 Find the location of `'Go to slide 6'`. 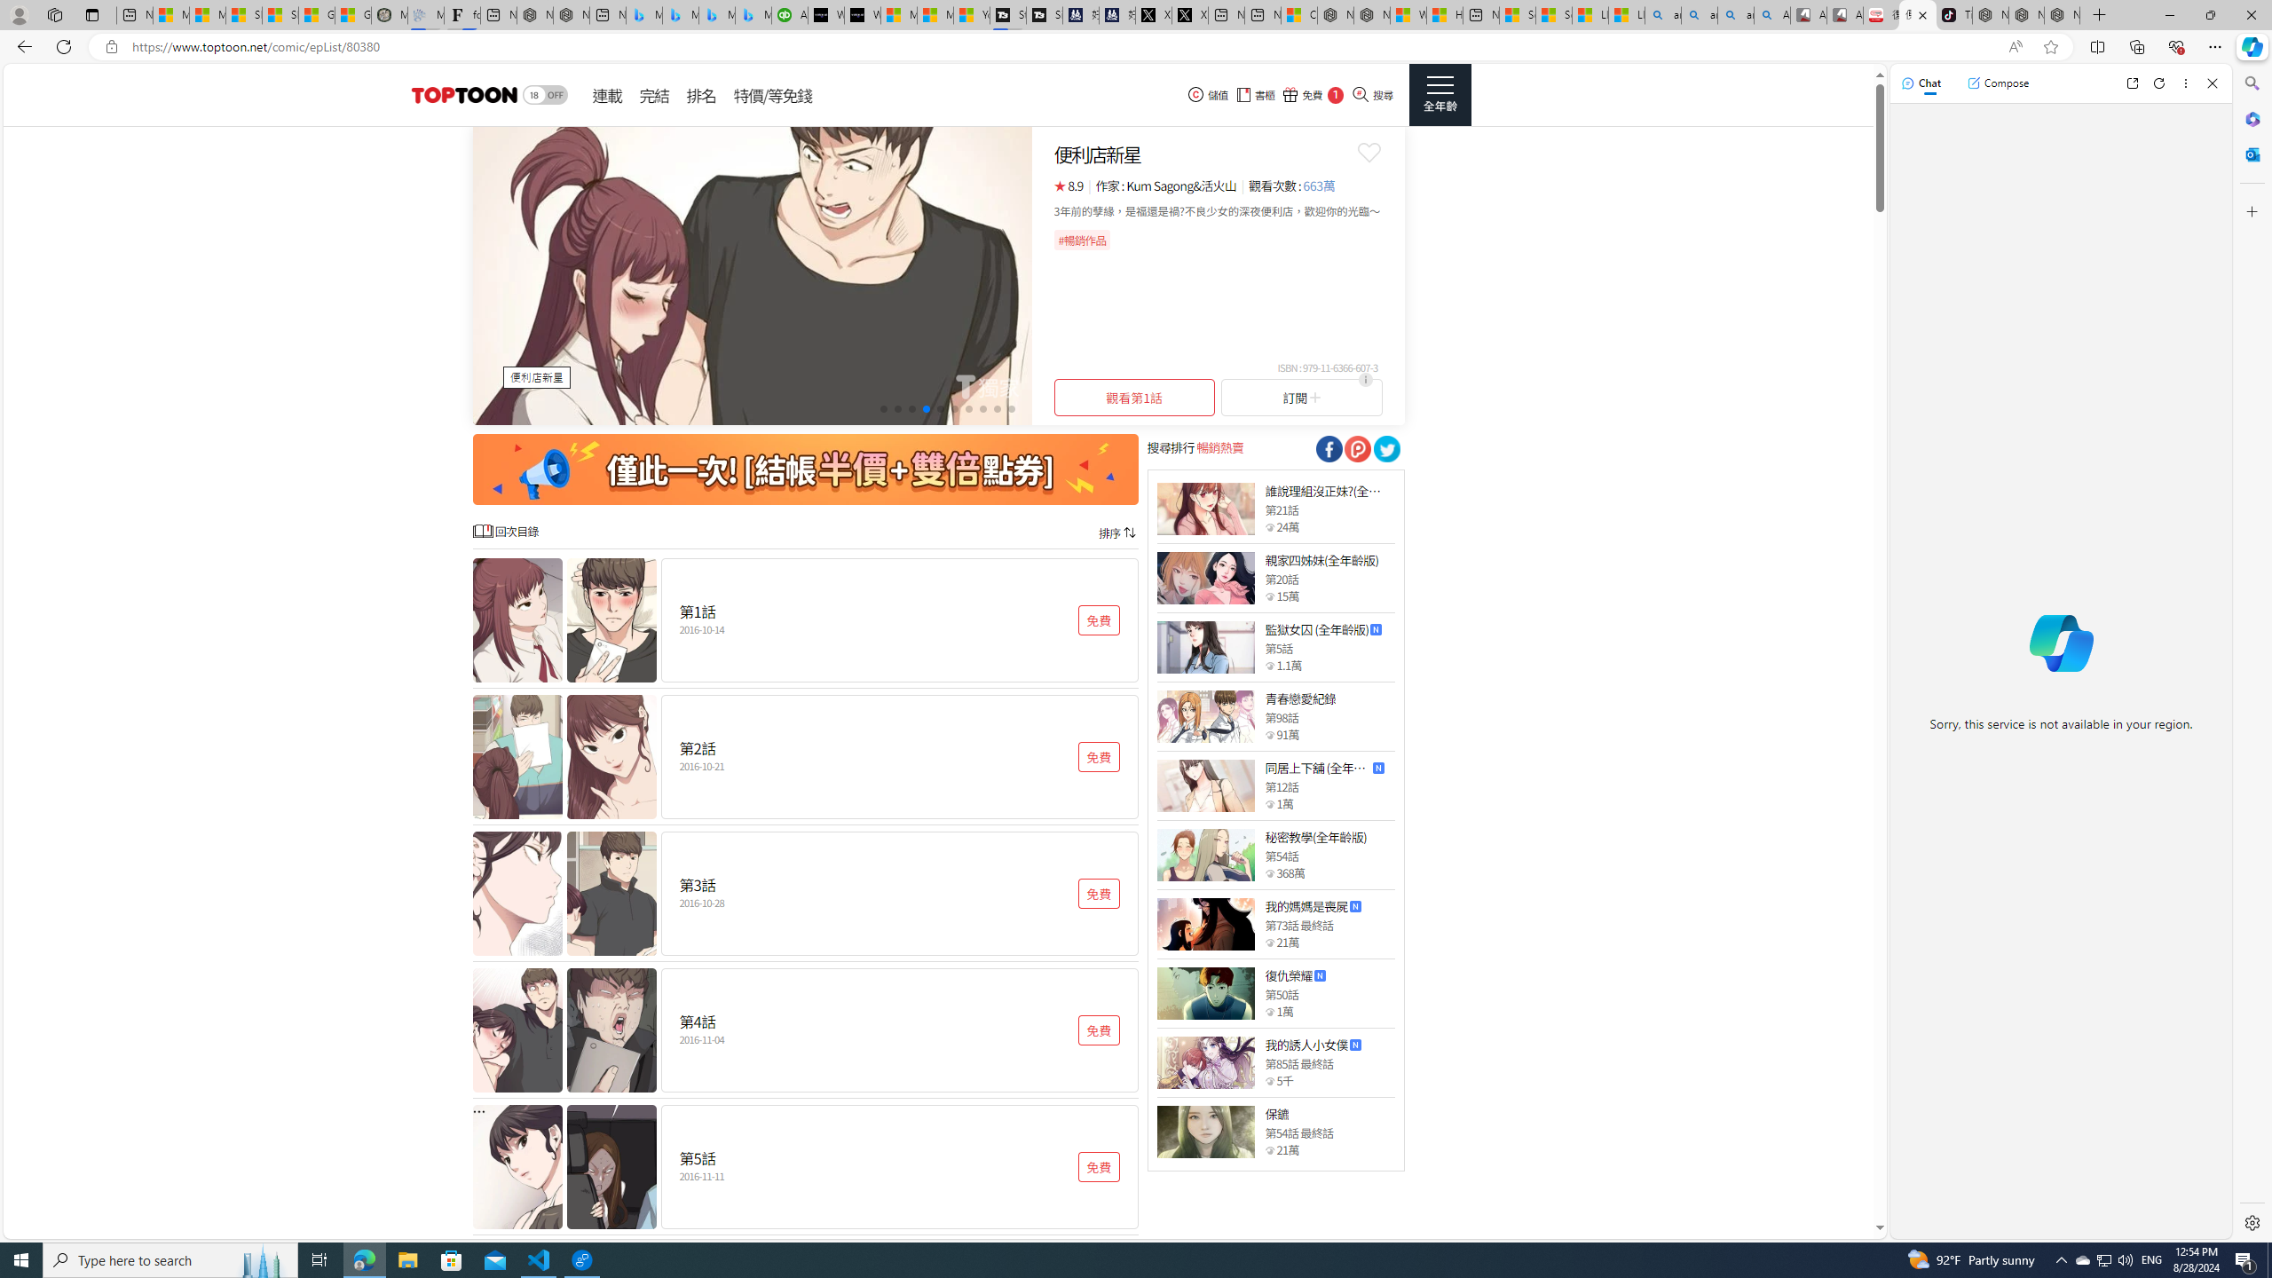

'Go to slide 6' is located at coordinates (954, 407).